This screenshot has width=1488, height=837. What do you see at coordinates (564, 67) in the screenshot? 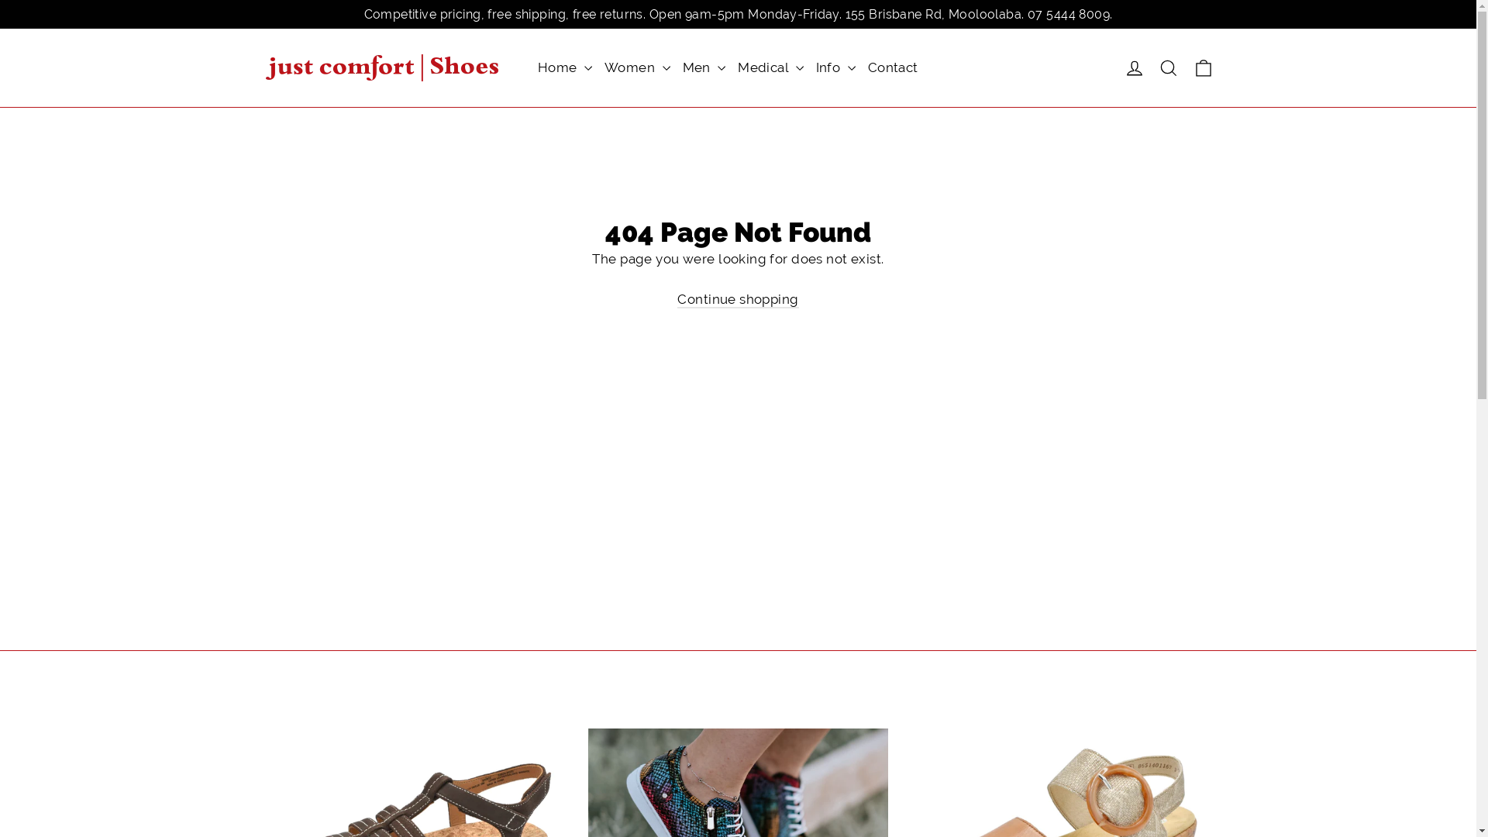
I see `'Home'` at bounding box center [564, 67].